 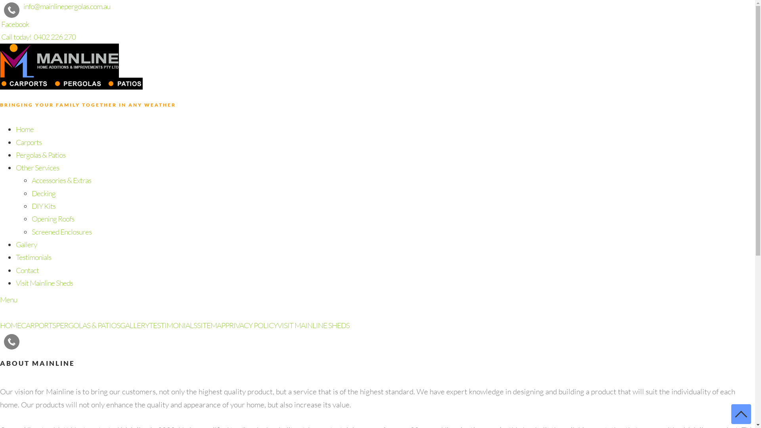 I want to click on 'Opening Roofs', so click(x=52, y=218).